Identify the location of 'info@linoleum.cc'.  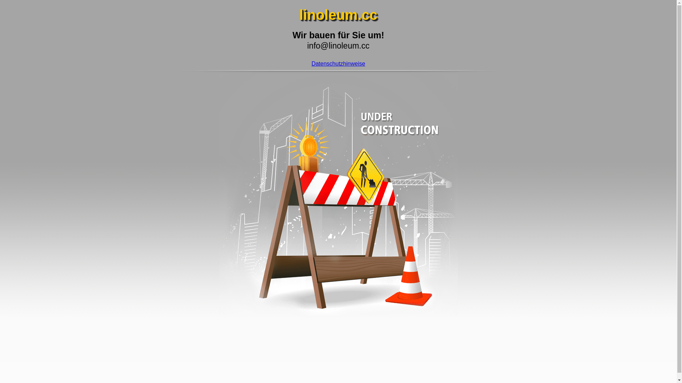
(338, 45).